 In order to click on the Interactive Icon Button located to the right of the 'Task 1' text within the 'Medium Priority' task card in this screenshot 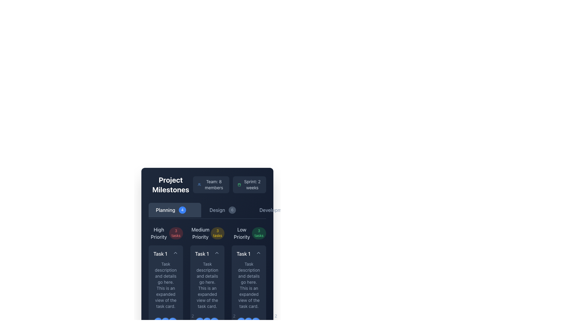, I will do `click(217, 253)`.